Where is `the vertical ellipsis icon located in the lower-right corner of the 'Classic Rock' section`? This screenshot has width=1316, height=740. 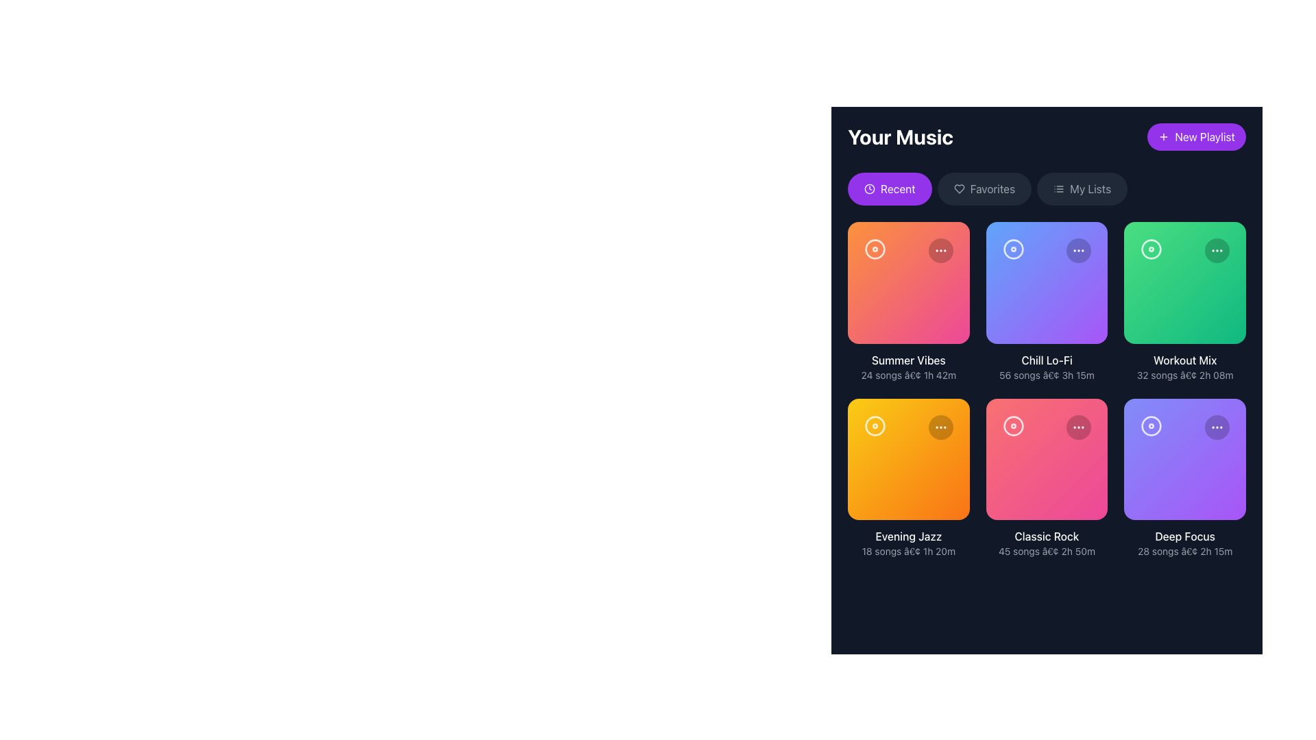 the vertical ellipsis icon located in the lower-right corner of the 'Classic Rock' section is located at coordinates (1078, 426).